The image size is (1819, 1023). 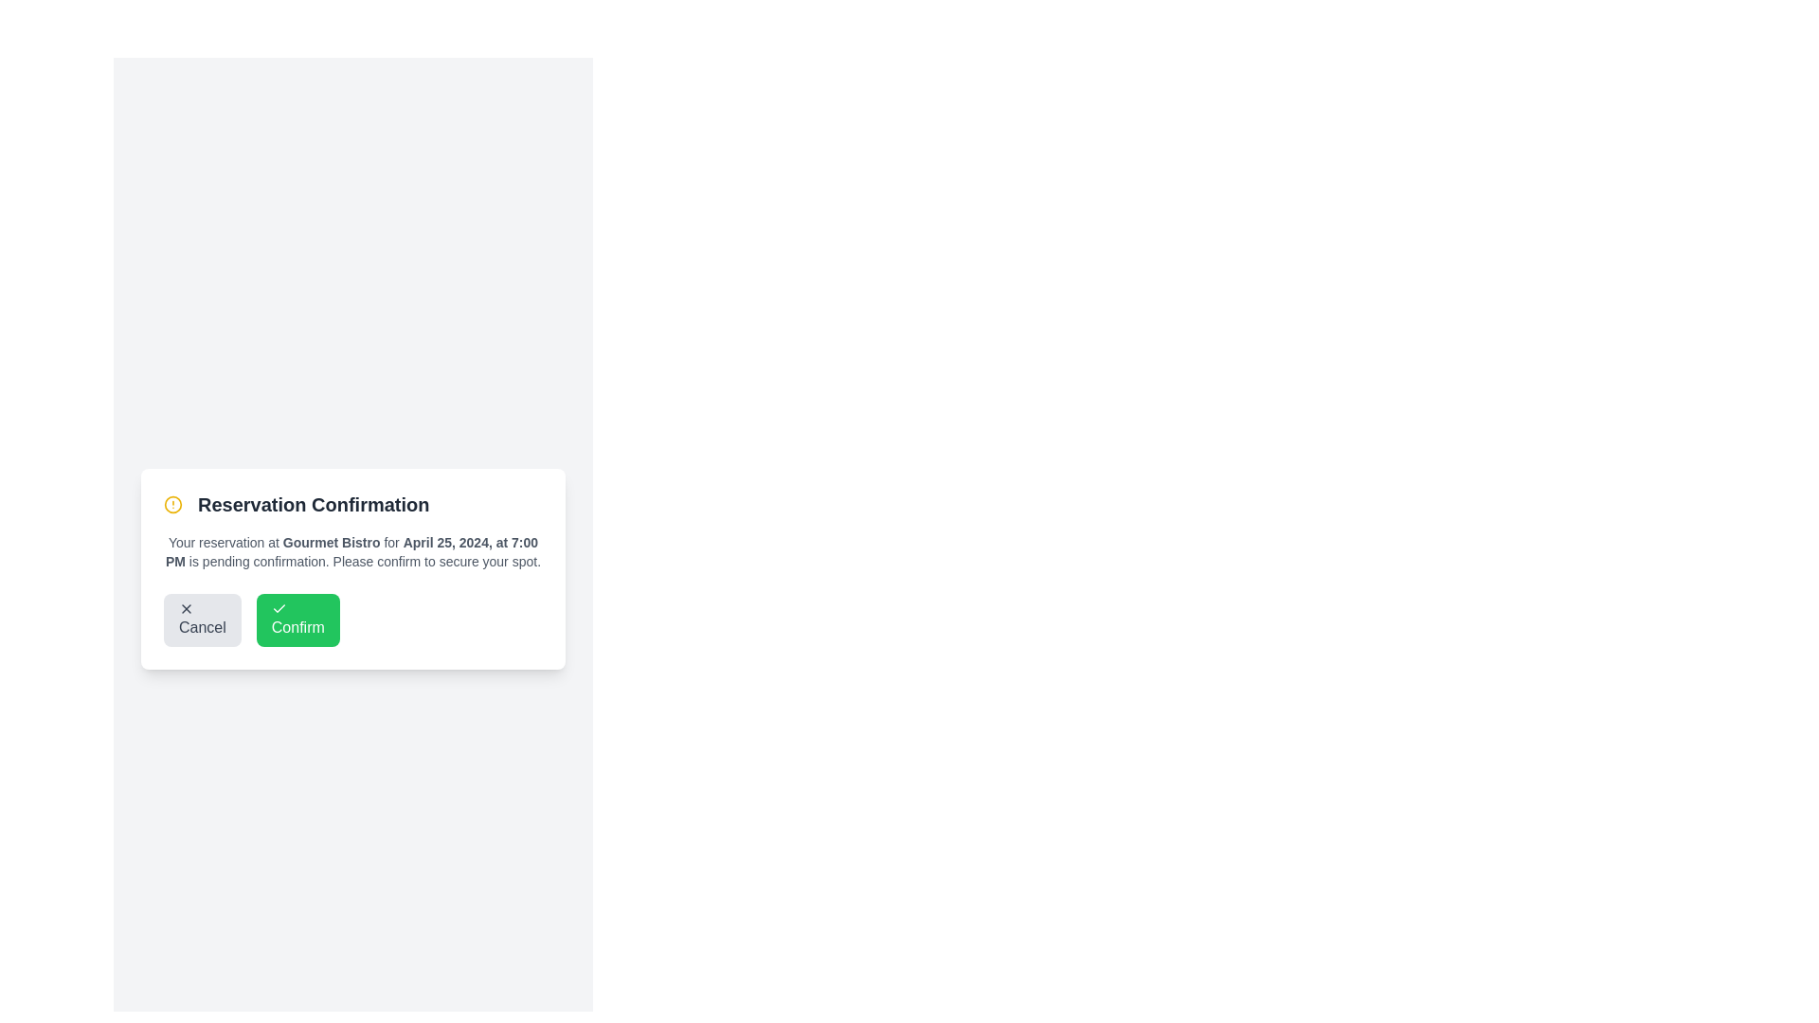 What do you see at coordinates (351, 551) in the screenshot?
I see `the Text label that conveys the specific date and time of a reservation, located after 'Gourmet Bistro' and before 'is pending confirmation.'` at bounding box center [351, 551].